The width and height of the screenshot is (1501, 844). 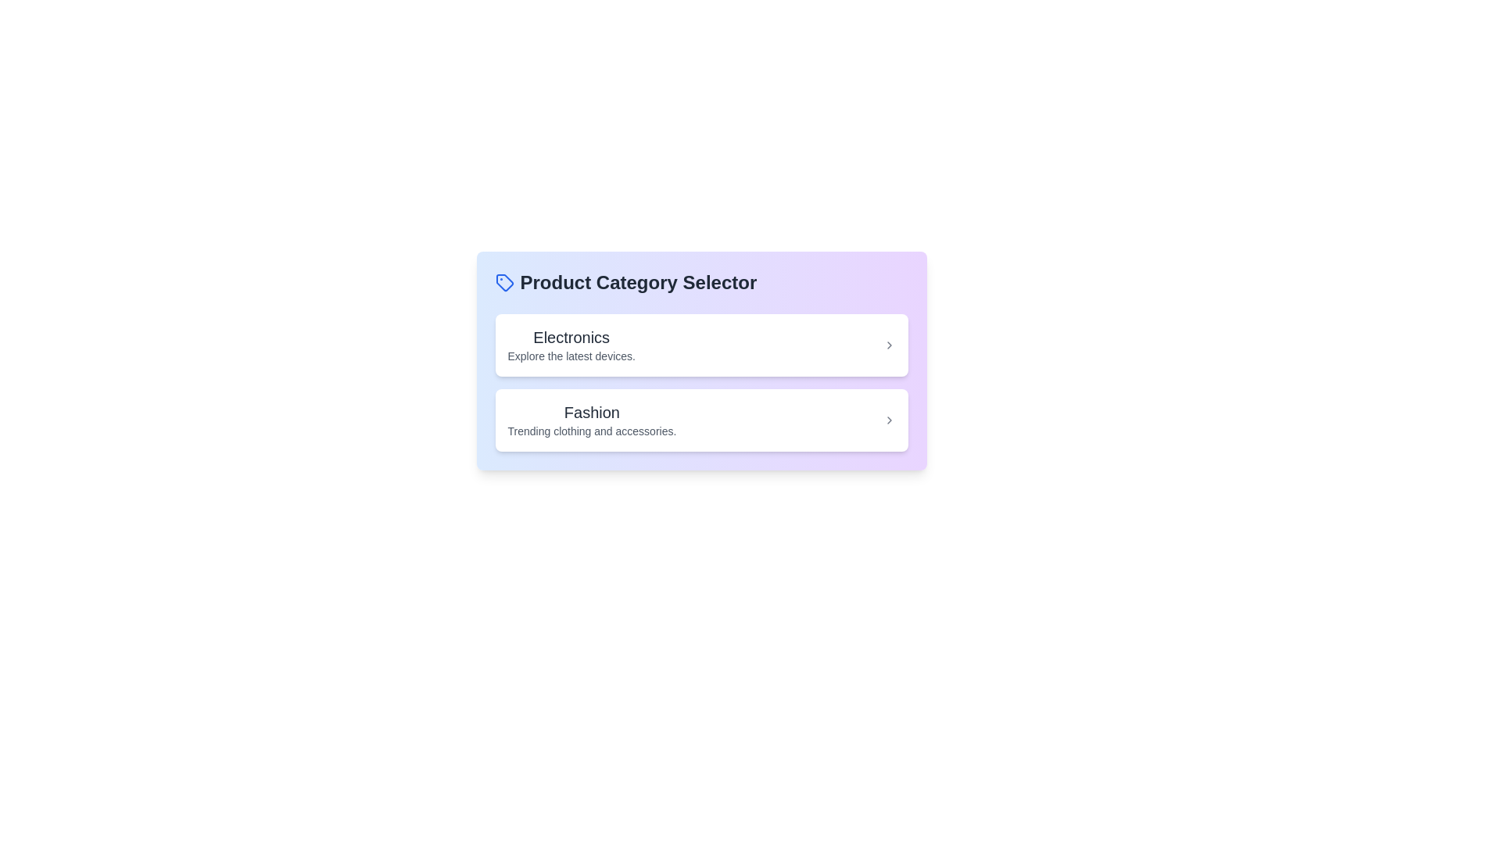 I want to click on the descriptive subtitle text label for the 'Electronics' category, which is positioned directly below the main label 'Electronics' and above the right-pointing arrow icon, so click(x=571, y=356).